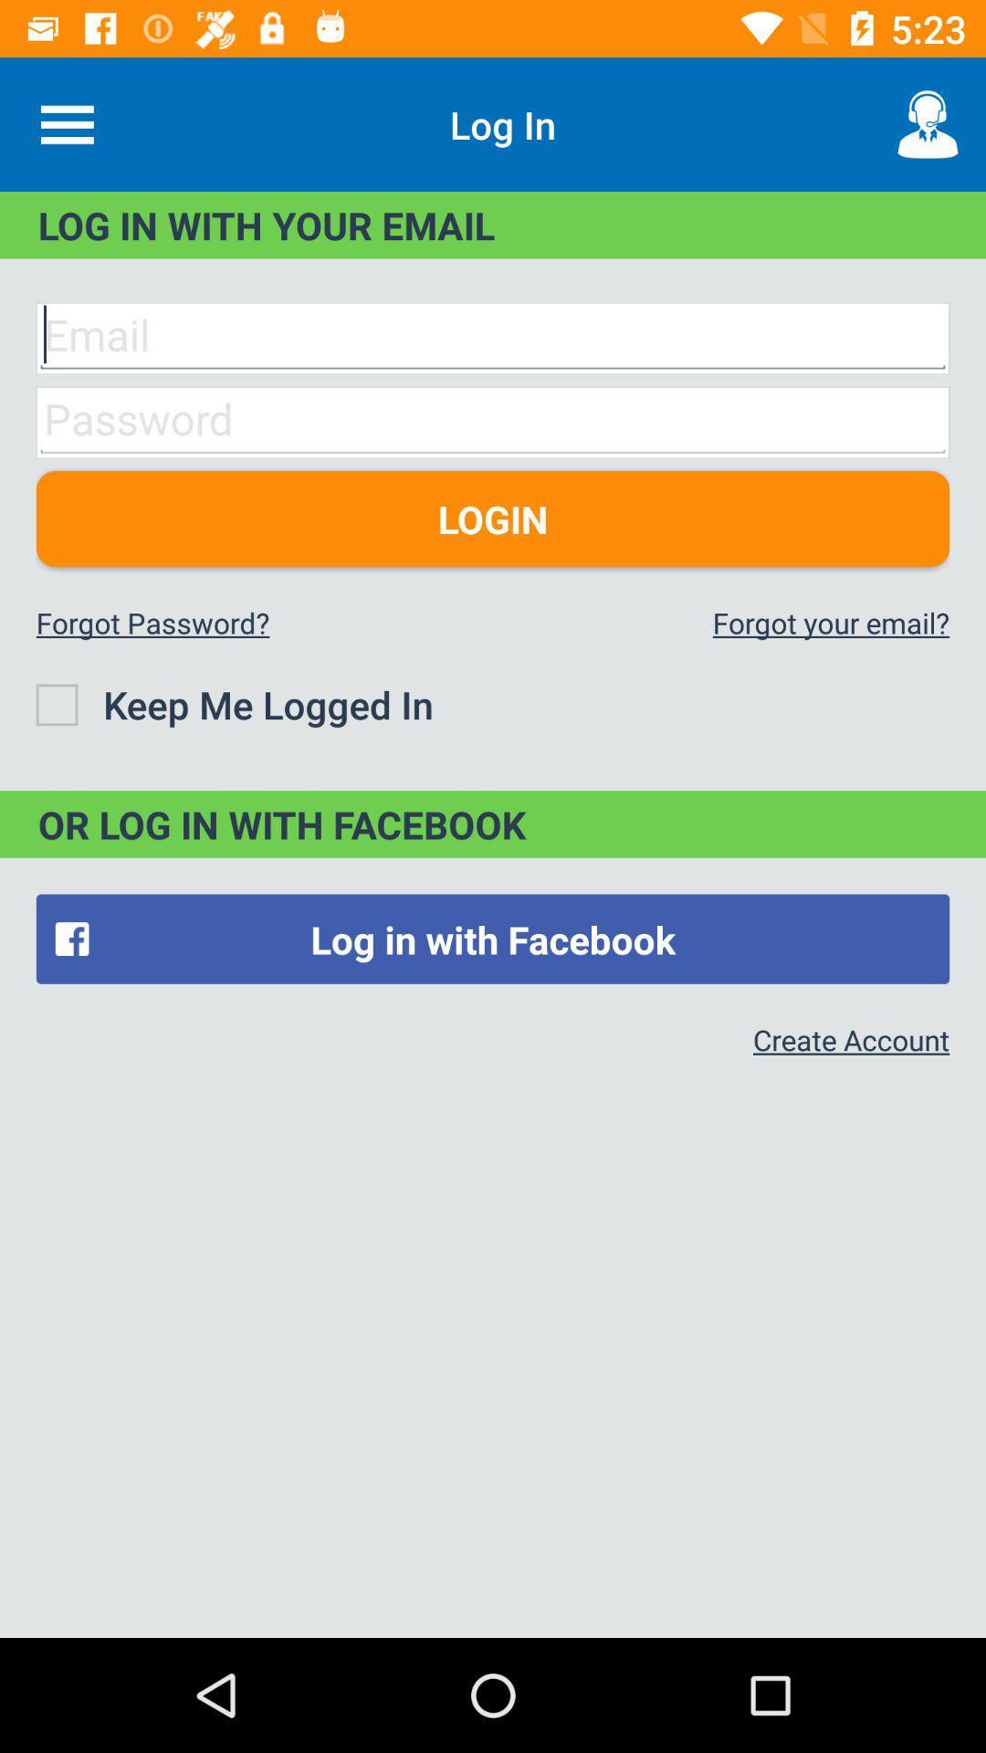  Describe the element at coordinates (234, 703) in the screenshot. I see `the keep me logged item` at that location.